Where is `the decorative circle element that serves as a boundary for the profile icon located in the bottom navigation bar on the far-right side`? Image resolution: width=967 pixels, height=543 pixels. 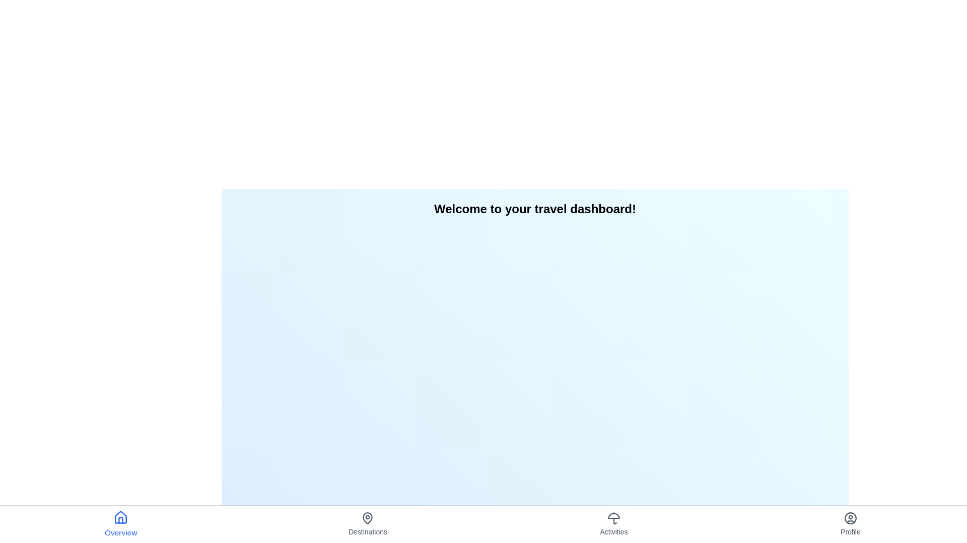
the decorative circle element that serves as a boundary for the profile icon located in the bottom navigation bar on the far-right side is located at coordinates (850, 518).